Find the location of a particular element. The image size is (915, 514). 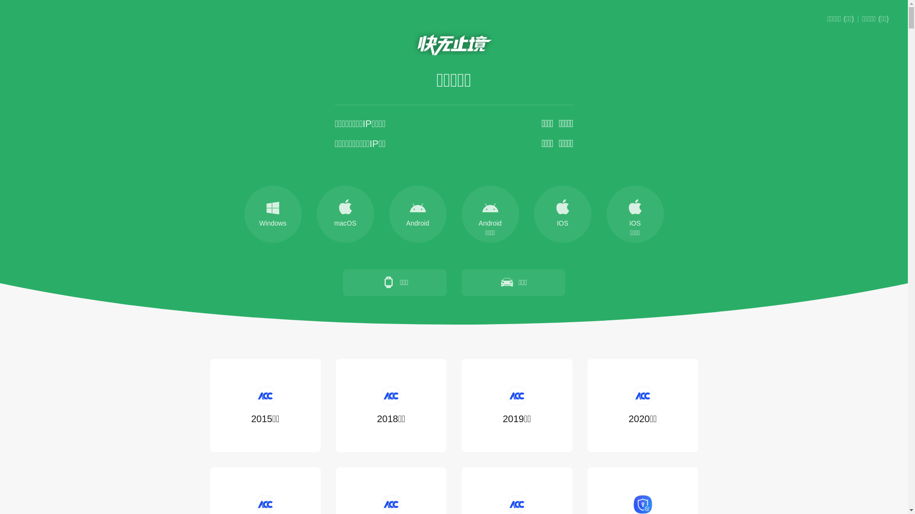

'Windows' is located at coordinates (244, 214).